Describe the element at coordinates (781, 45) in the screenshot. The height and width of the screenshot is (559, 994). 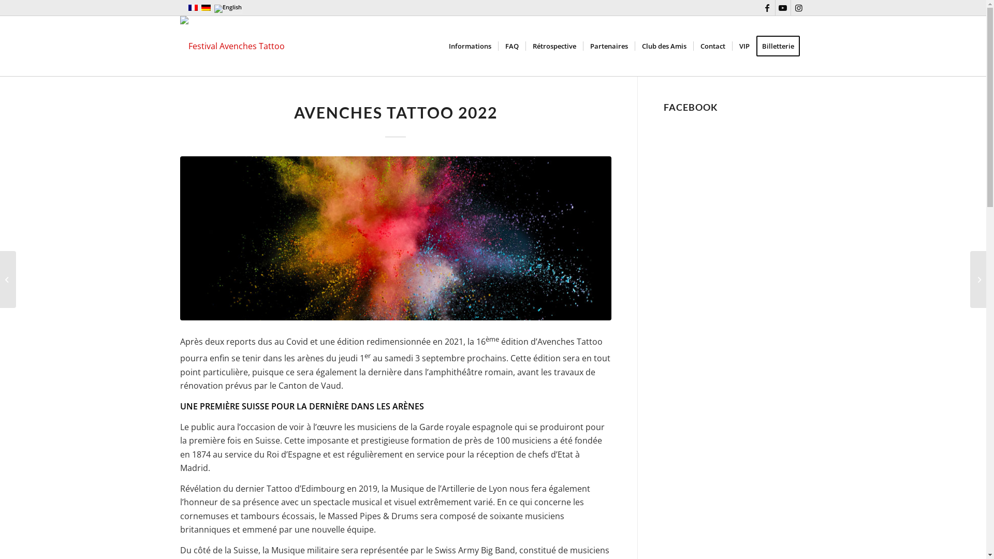
I see `'Billetterie'` at that location.